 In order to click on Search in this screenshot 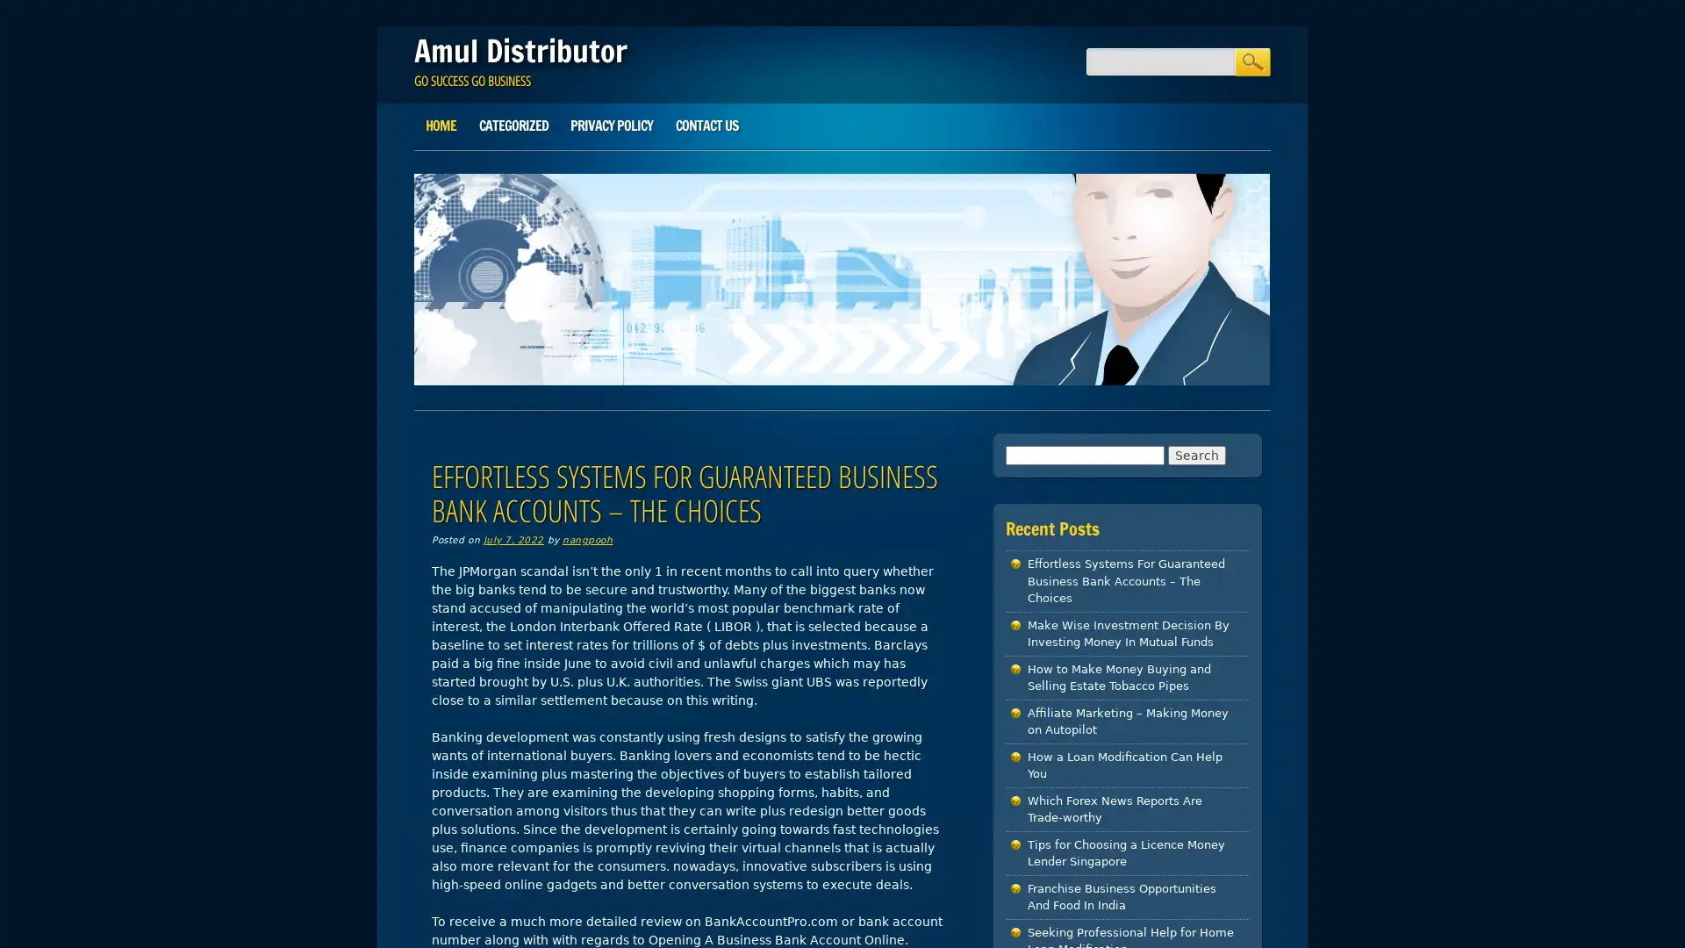, I will do `click(1195, 453)`.